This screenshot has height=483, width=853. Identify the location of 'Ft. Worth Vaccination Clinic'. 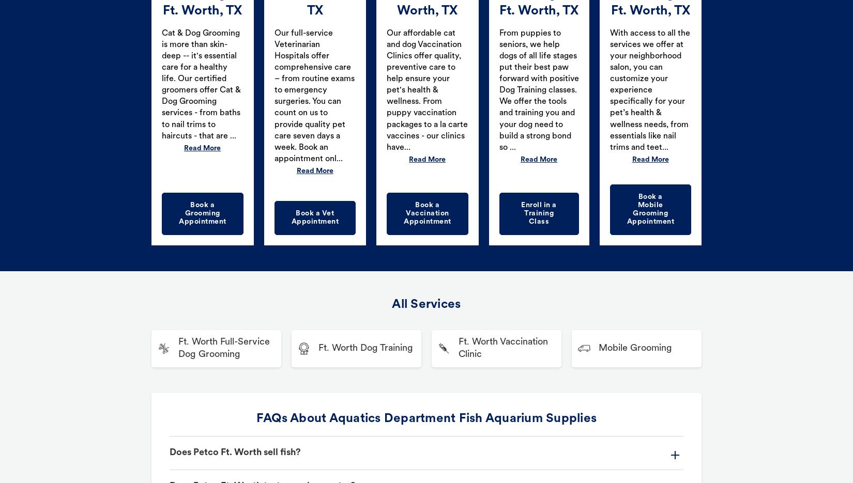
(503, 348).